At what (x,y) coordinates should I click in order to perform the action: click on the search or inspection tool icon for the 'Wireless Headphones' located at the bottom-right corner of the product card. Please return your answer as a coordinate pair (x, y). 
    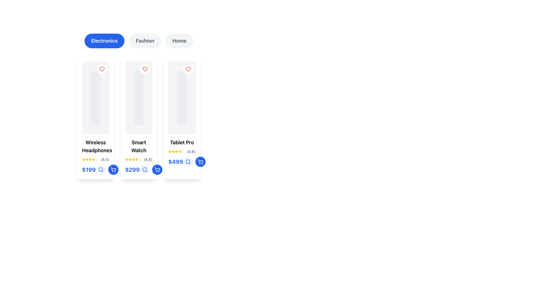
    Looking at the image, I should click on (101, 169).